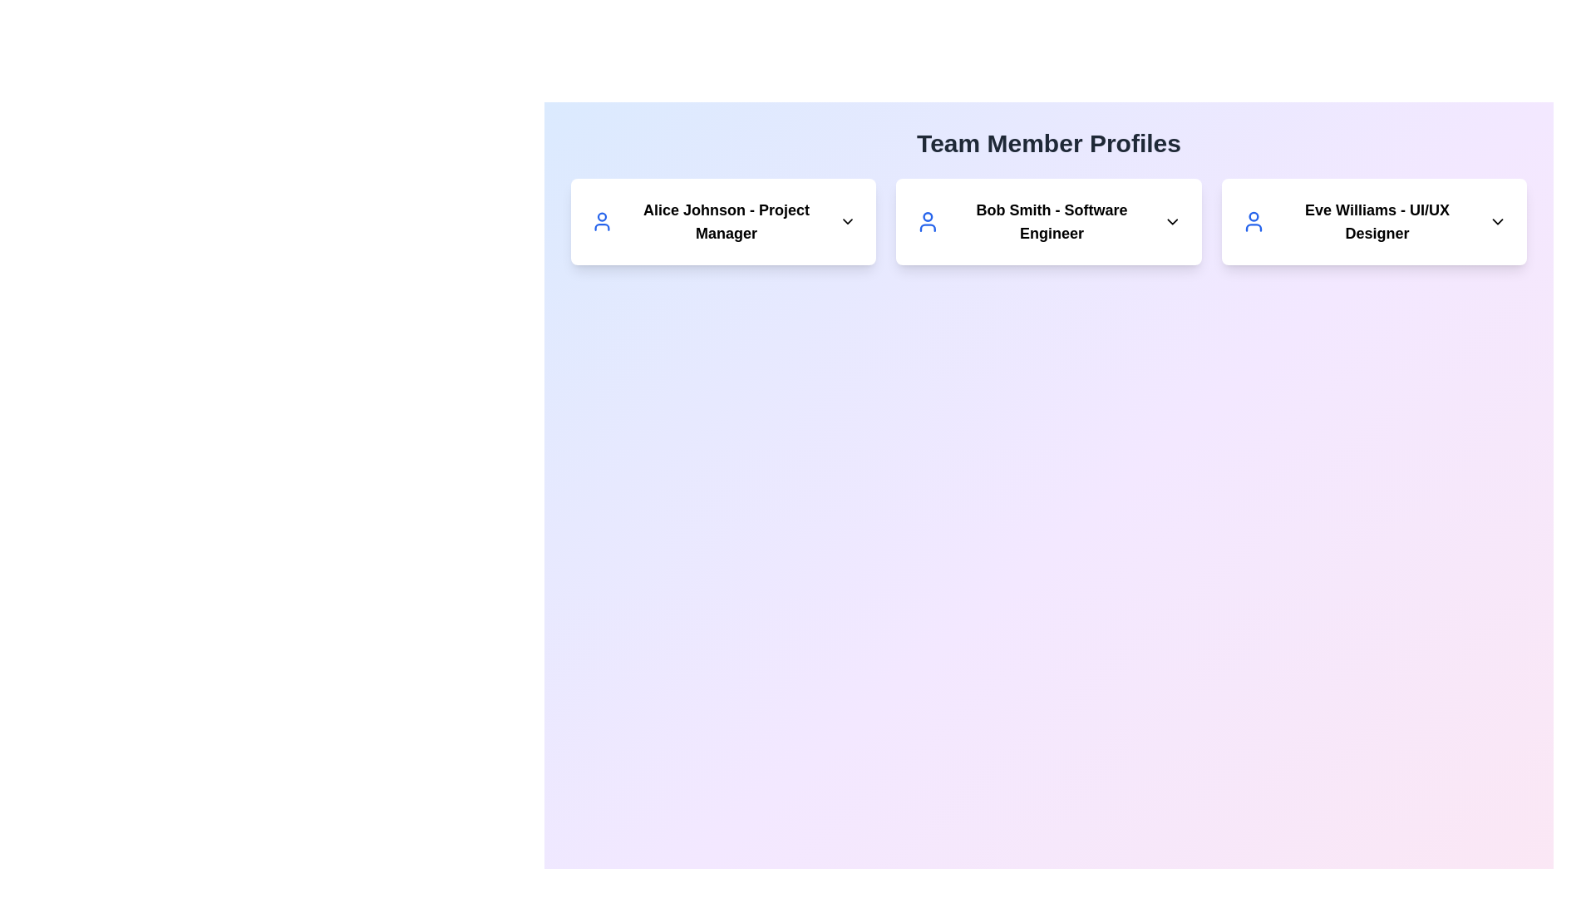  Describe the element at coordinates (601, 220) in the screenshot. I see `the blue-colored user icon that features a filled circle for the head and curved lines for the body, located at the leftmost position within the card displaying 'Alice Johnson - Project Manager'` at that location.